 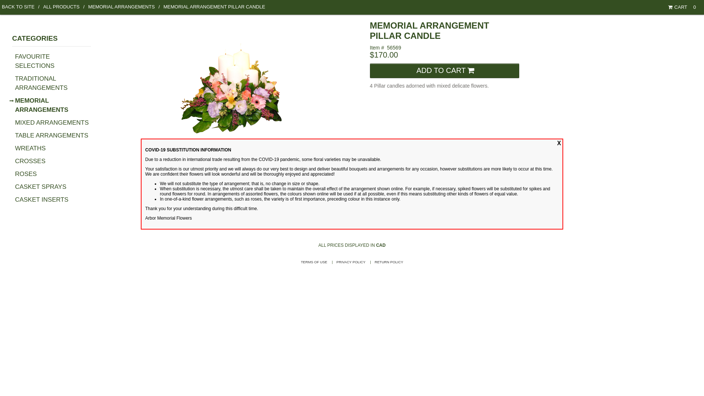 I want to click on 'TABLE ARRANGEMENTS', so click(x=51, y=135).